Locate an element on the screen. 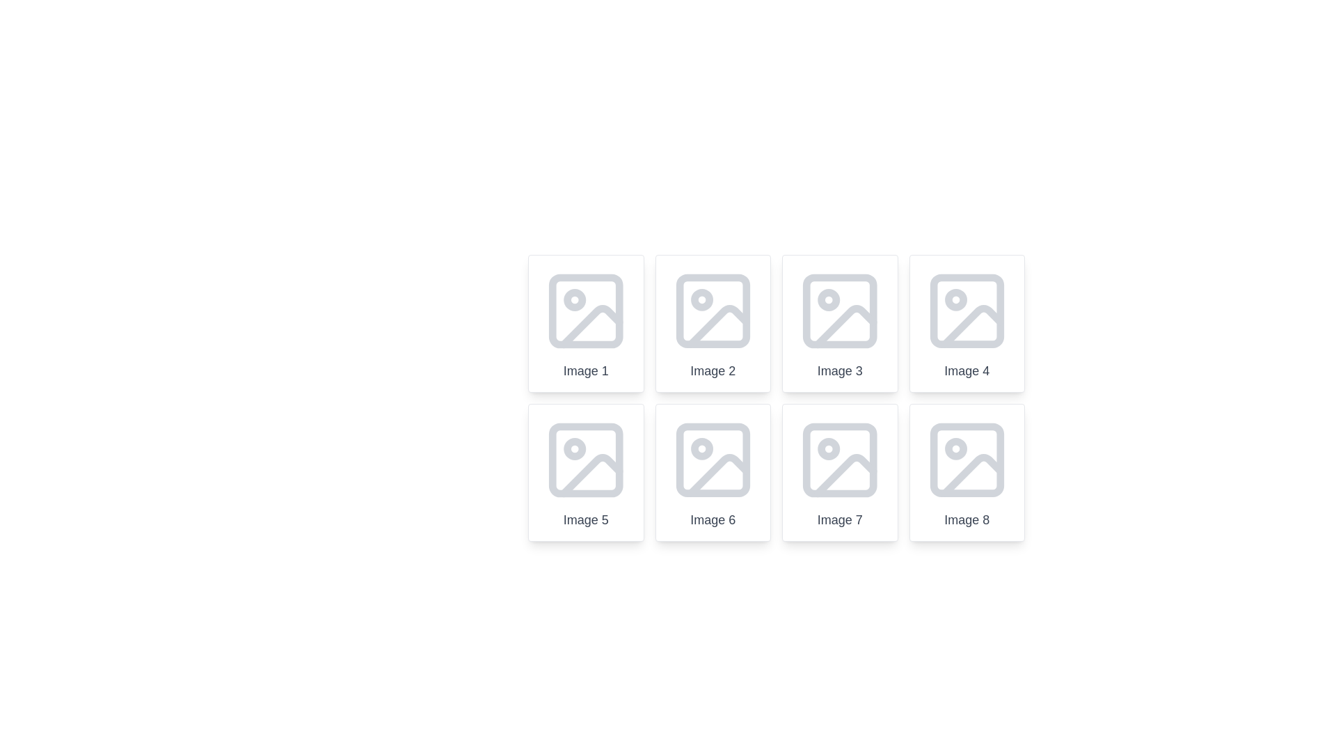 Image resolution: width=1336 pixels, height=752 pixels. the small light gray rectangle with rounded corners located in the image placeholder labeled 'Image 7', which is positioned in the second row, third column of the grid layout is located at coordinates (839, 460).